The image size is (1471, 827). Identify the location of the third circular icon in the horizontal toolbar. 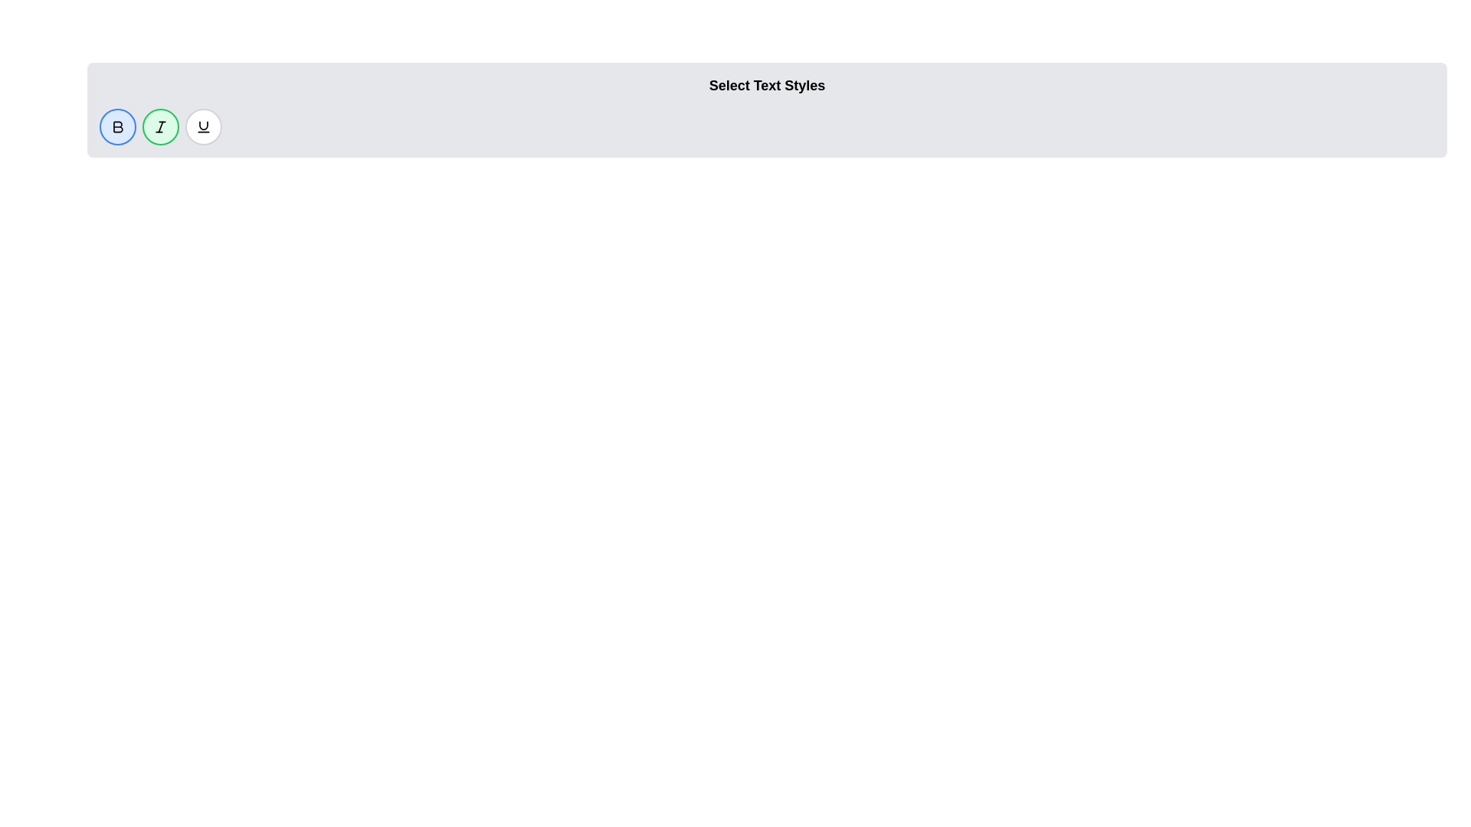
(202, 126).